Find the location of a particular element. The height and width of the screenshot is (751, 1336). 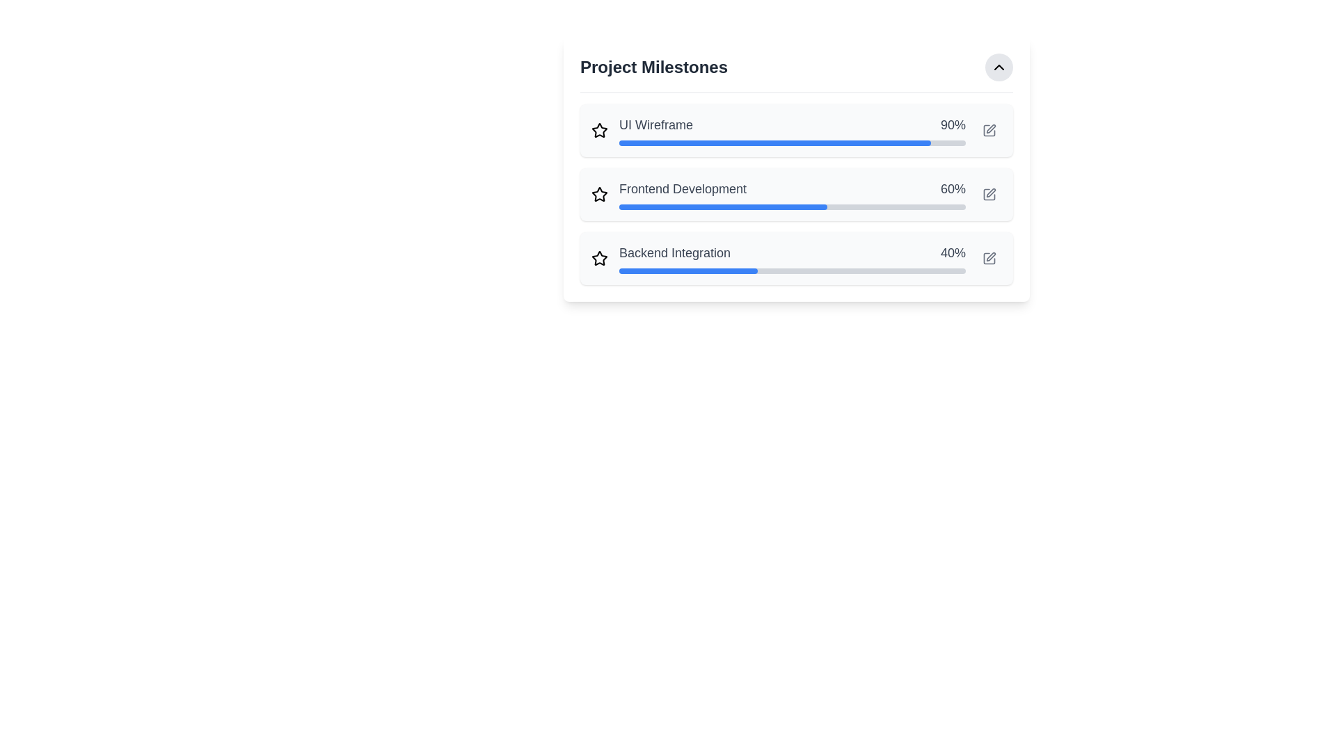

the percentage text indicating the completion for the 'Frontend Development' milestone, located in the second row of progress tracking components is located at coordinates (952, 189).